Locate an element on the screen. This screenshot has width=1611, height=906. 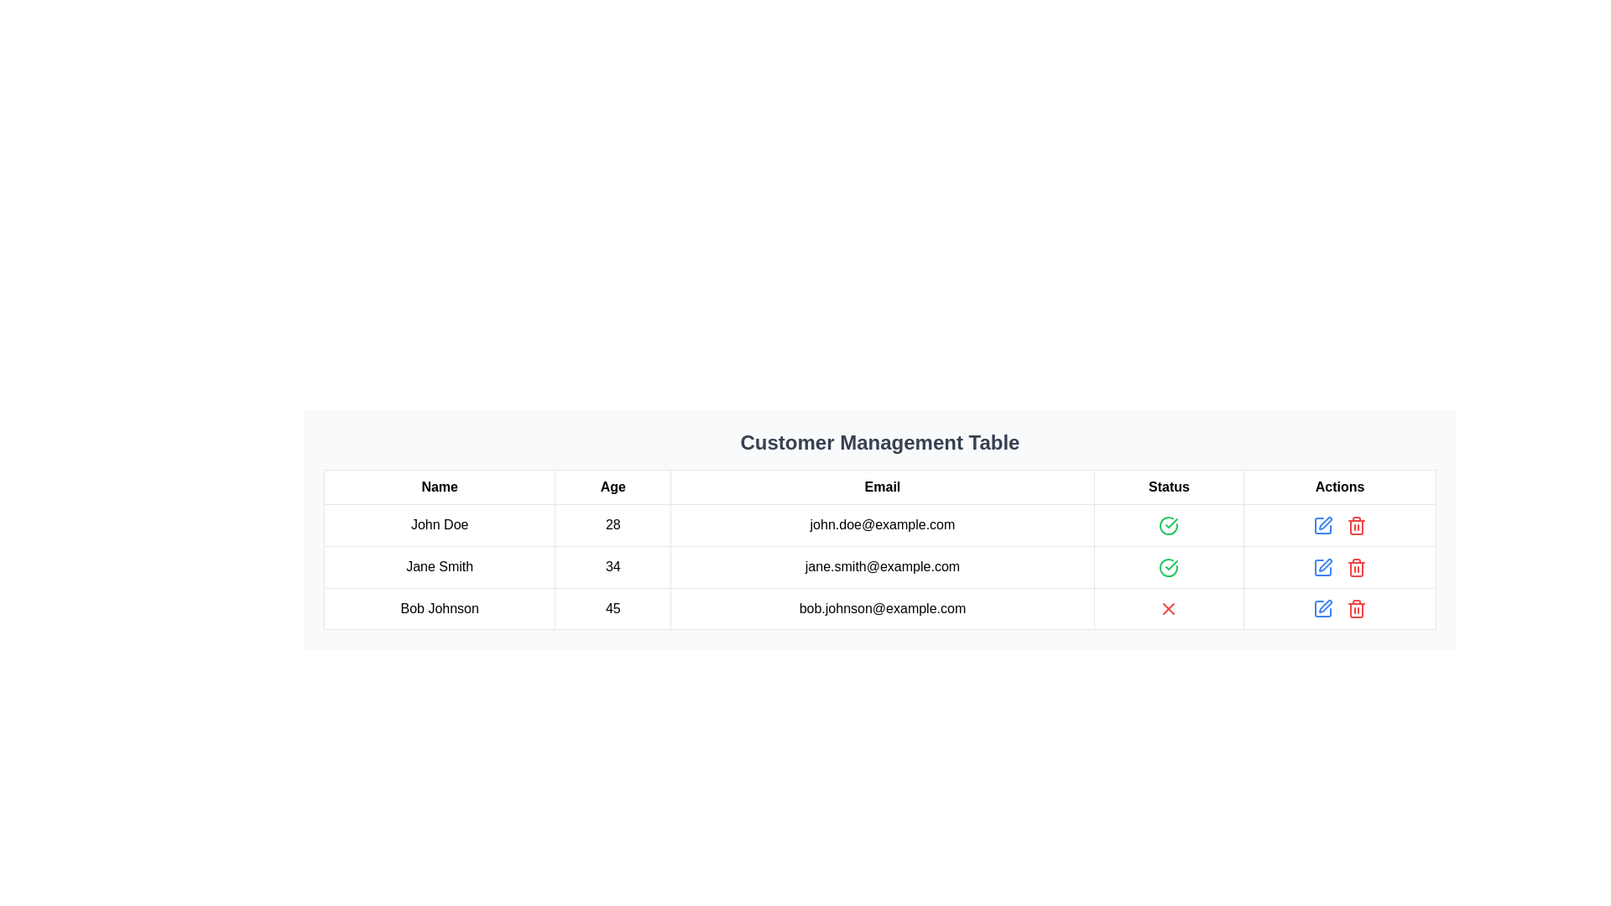
the fifth and rightmost column header in the table, which categorizes or labels the column below is located at coordinates (1339, 487).